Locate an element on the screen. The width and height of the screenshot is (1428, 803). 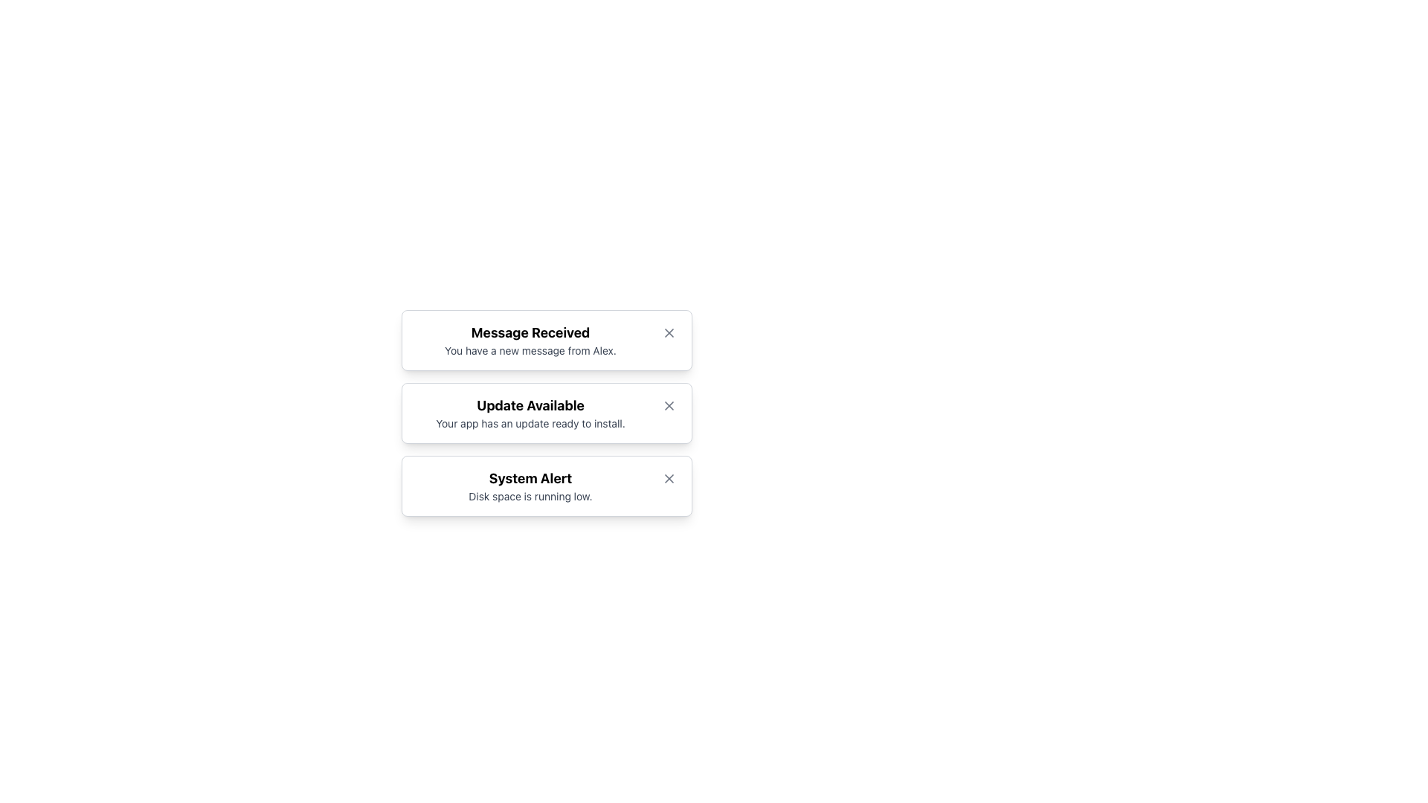
the 'X' icon close button in the 'Update Available' notification box is located at coordinates (669, 406).